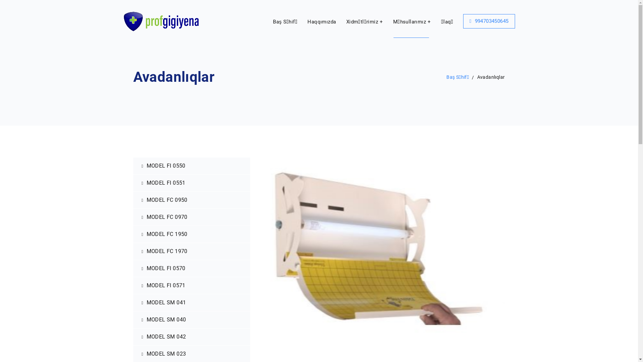 The image size is (643, 362). What do you see at coordinates (191, 286) in the screenshot?
I see `'MODEL FI 0571'` at bounding box center [191, 286].